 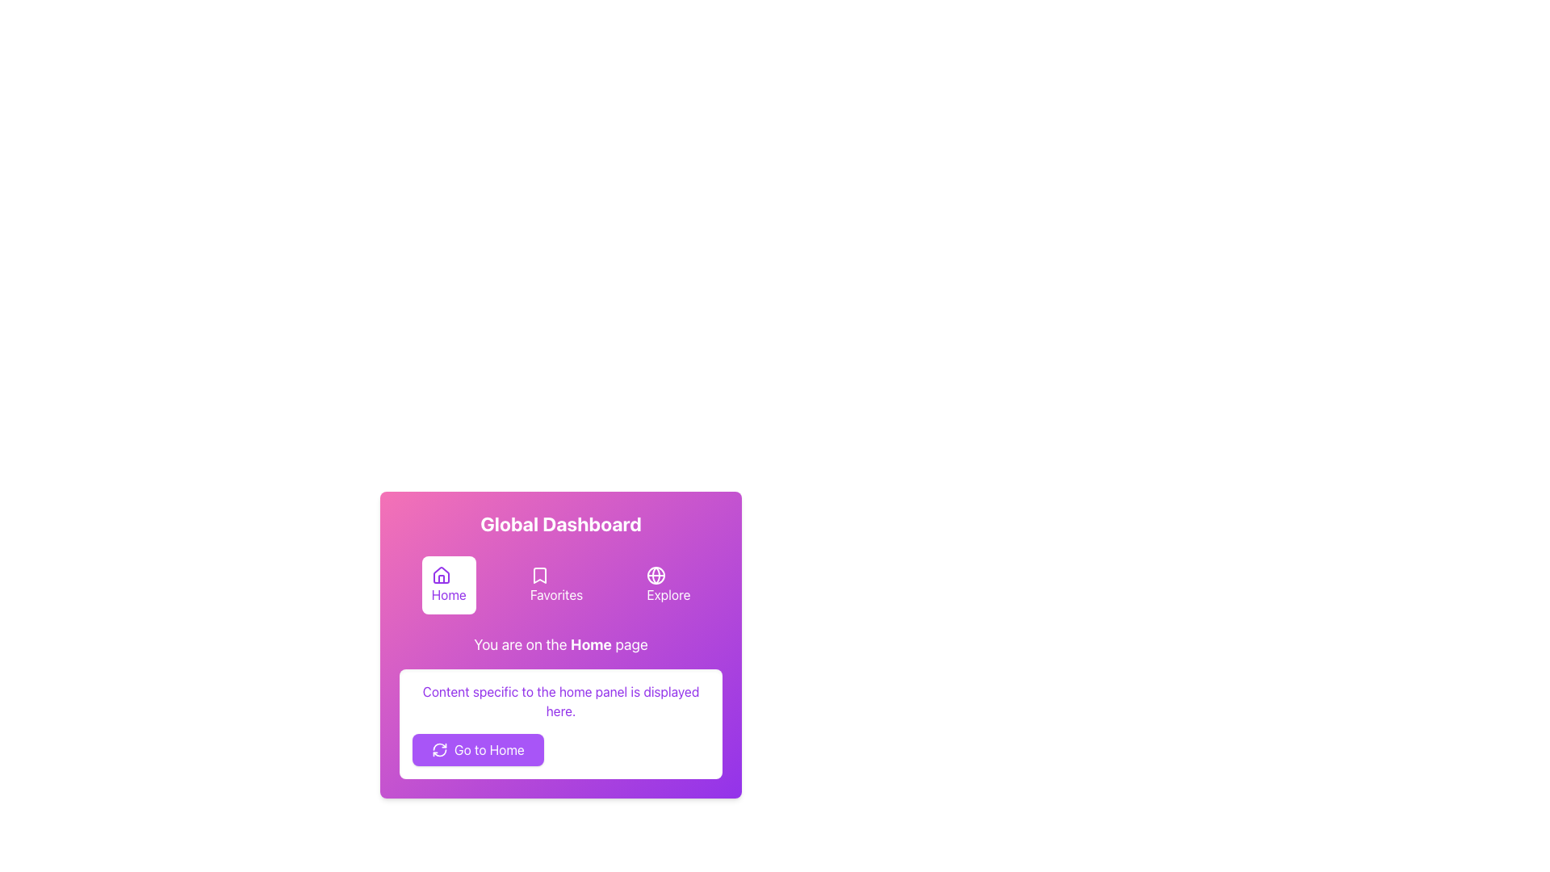 I want to click on the 'Favorites' button, which is a rounded rectangular button with a purple background and white text, located centrally between the 'Home' and 'Explore' buttons in the navigation bar, so click(x=556, y=585).